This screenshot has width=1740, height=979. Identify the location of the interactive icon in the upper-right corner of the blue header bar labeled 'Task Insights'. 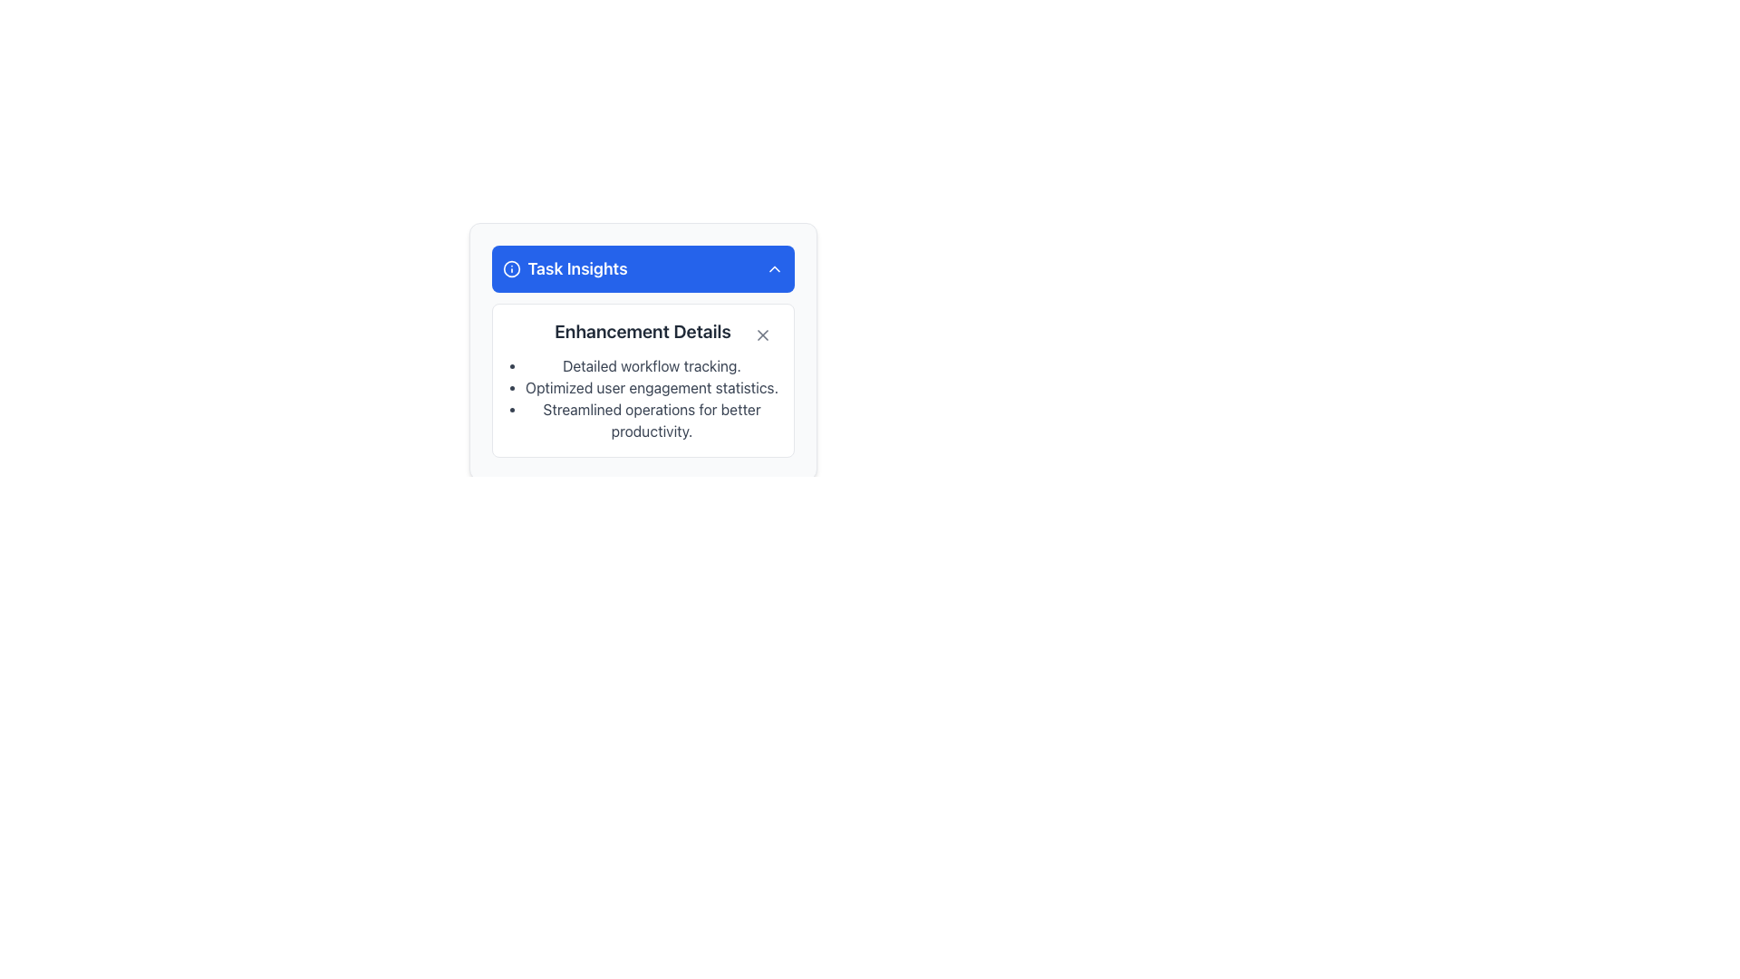
(774, 269).